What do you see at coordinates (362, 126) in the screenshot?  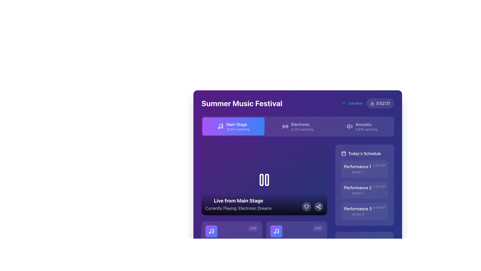 I see `the third button in the horizontal list, which represents a clickable option for a live 'Acoustic' session` at bounding box center [362, 126].